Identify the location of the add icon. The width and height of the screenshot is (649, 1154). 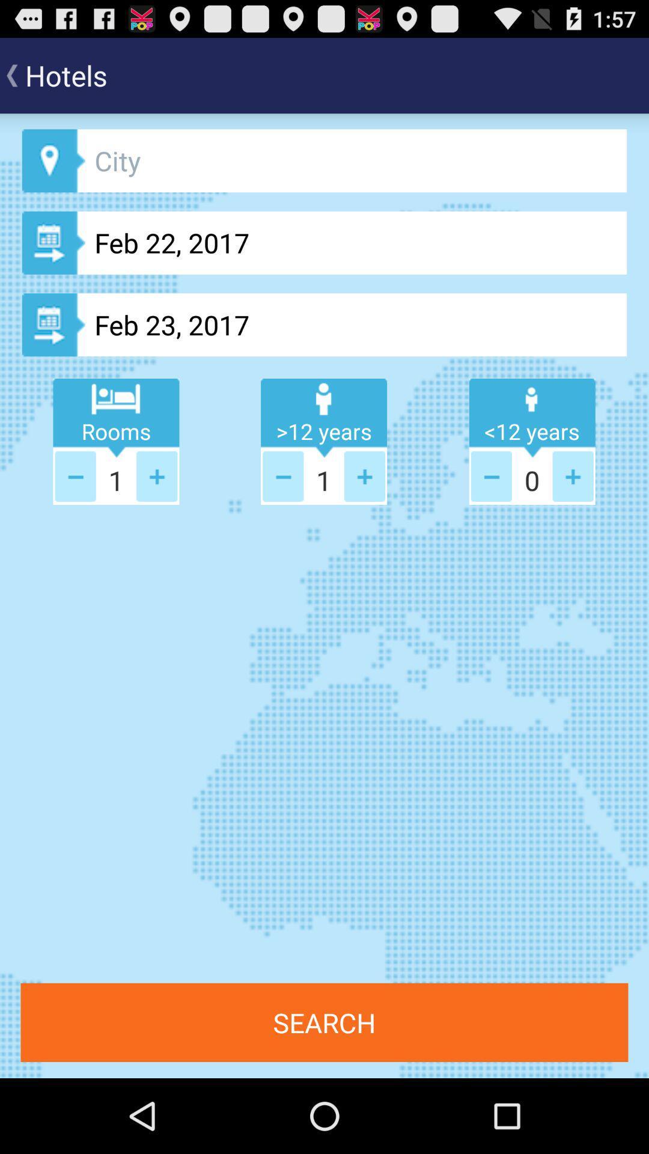
(364, 510).